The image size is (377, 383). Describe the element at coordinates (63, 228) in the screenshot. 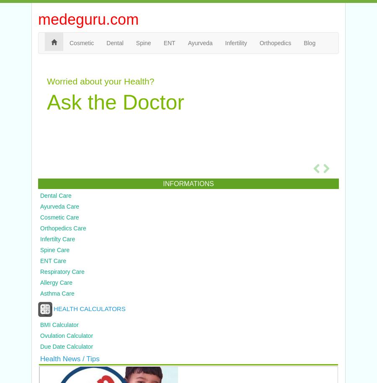

I see `'Orthopedics Care'` at that location.